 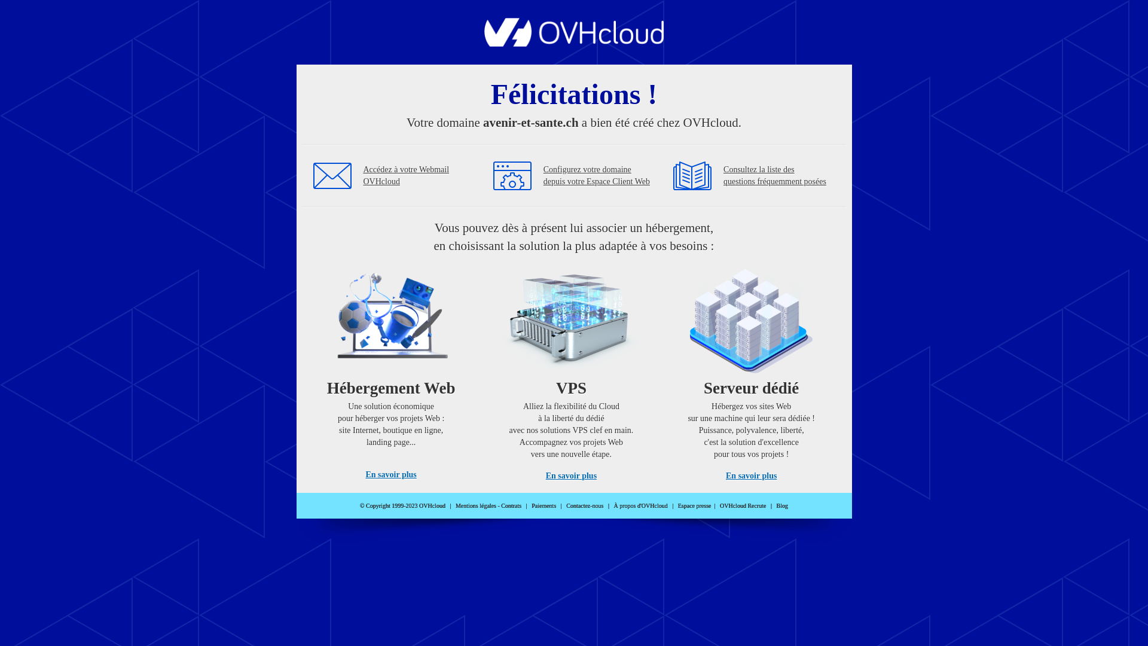 I want to click on 'Paiements', so click(x=543, y=505).